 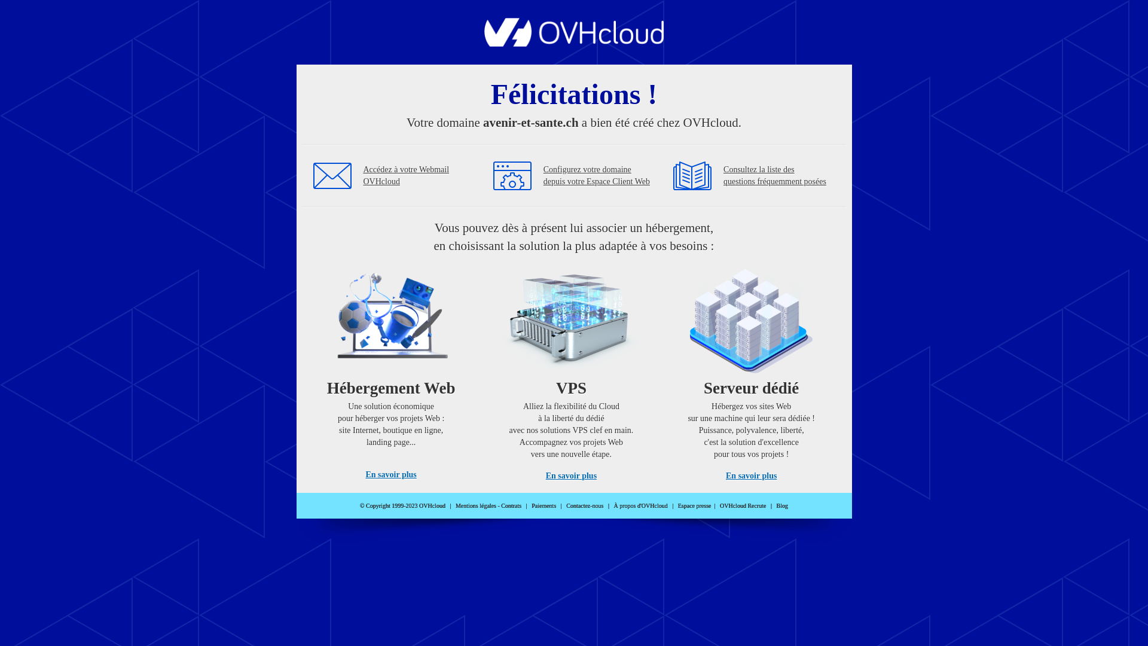 I want to click on 'Paiements', so click(x=543, y=505).